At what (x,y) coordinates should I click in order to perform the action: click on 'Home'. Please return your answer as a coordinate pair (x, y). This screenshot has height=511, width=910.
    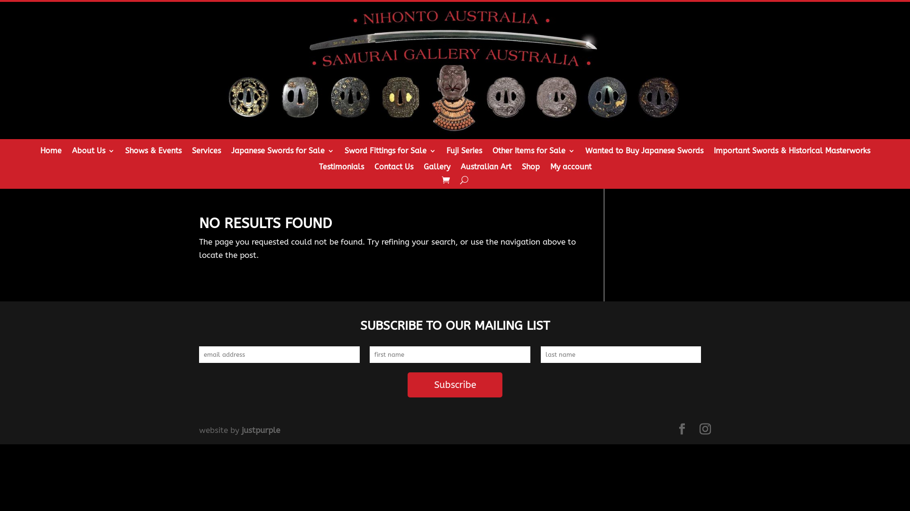
    Looking at the image, I should click on (50, 153).